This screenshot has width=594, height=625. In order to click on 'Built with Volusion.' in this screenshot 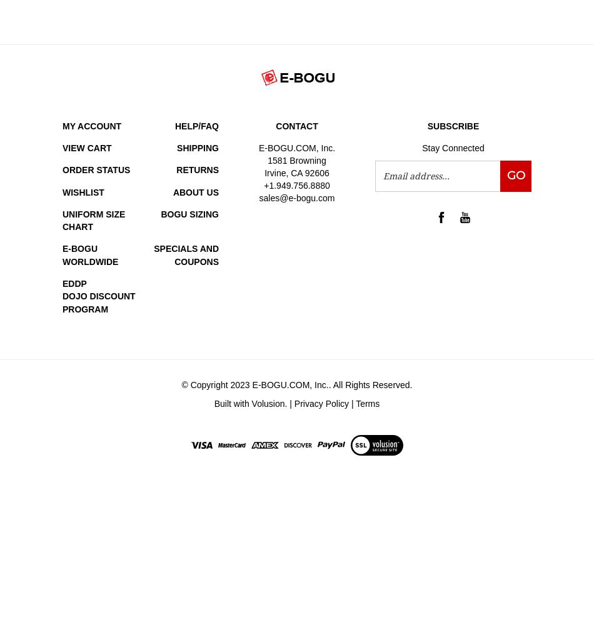, I will do `click(251, 403)`.